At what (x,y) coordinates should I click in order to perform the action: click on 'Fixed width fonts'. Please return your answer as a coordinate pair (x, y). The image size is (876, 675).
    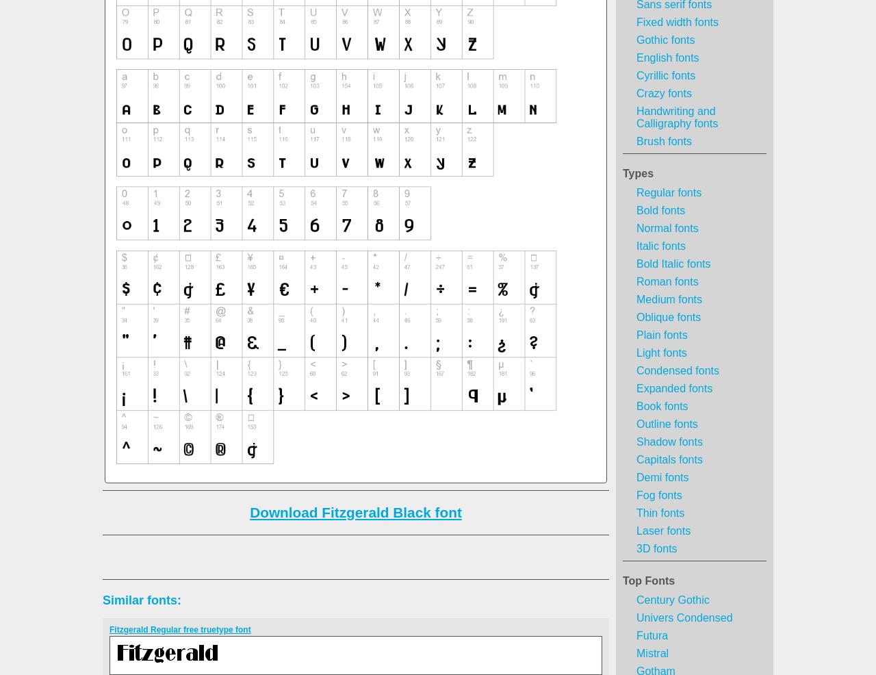
    Looking at the image, I should click on (636, 21).